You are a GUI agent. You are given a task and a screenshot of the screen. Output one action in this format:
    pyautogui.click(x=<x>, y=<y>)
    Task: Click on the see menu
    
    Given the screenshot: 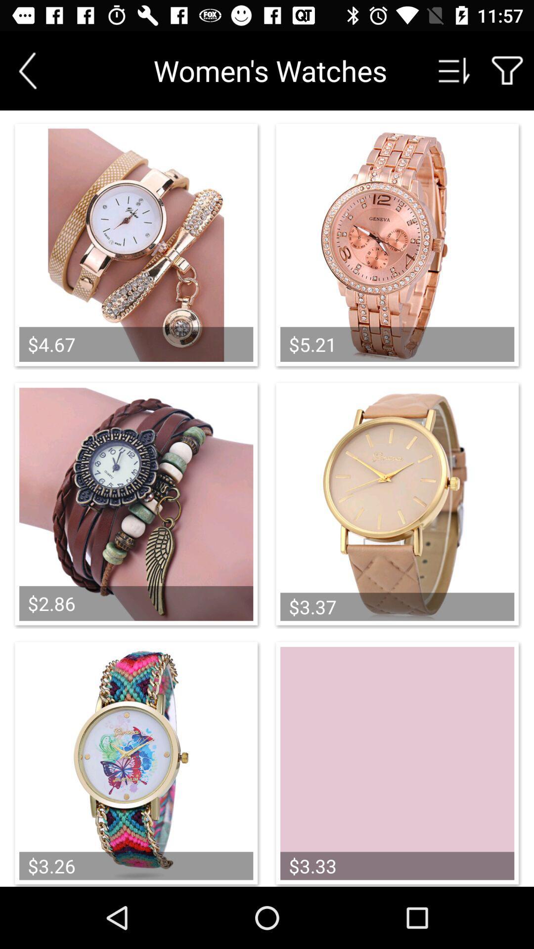 What is the action you would take?
    pyautogui.click(x=454, y=70)
    